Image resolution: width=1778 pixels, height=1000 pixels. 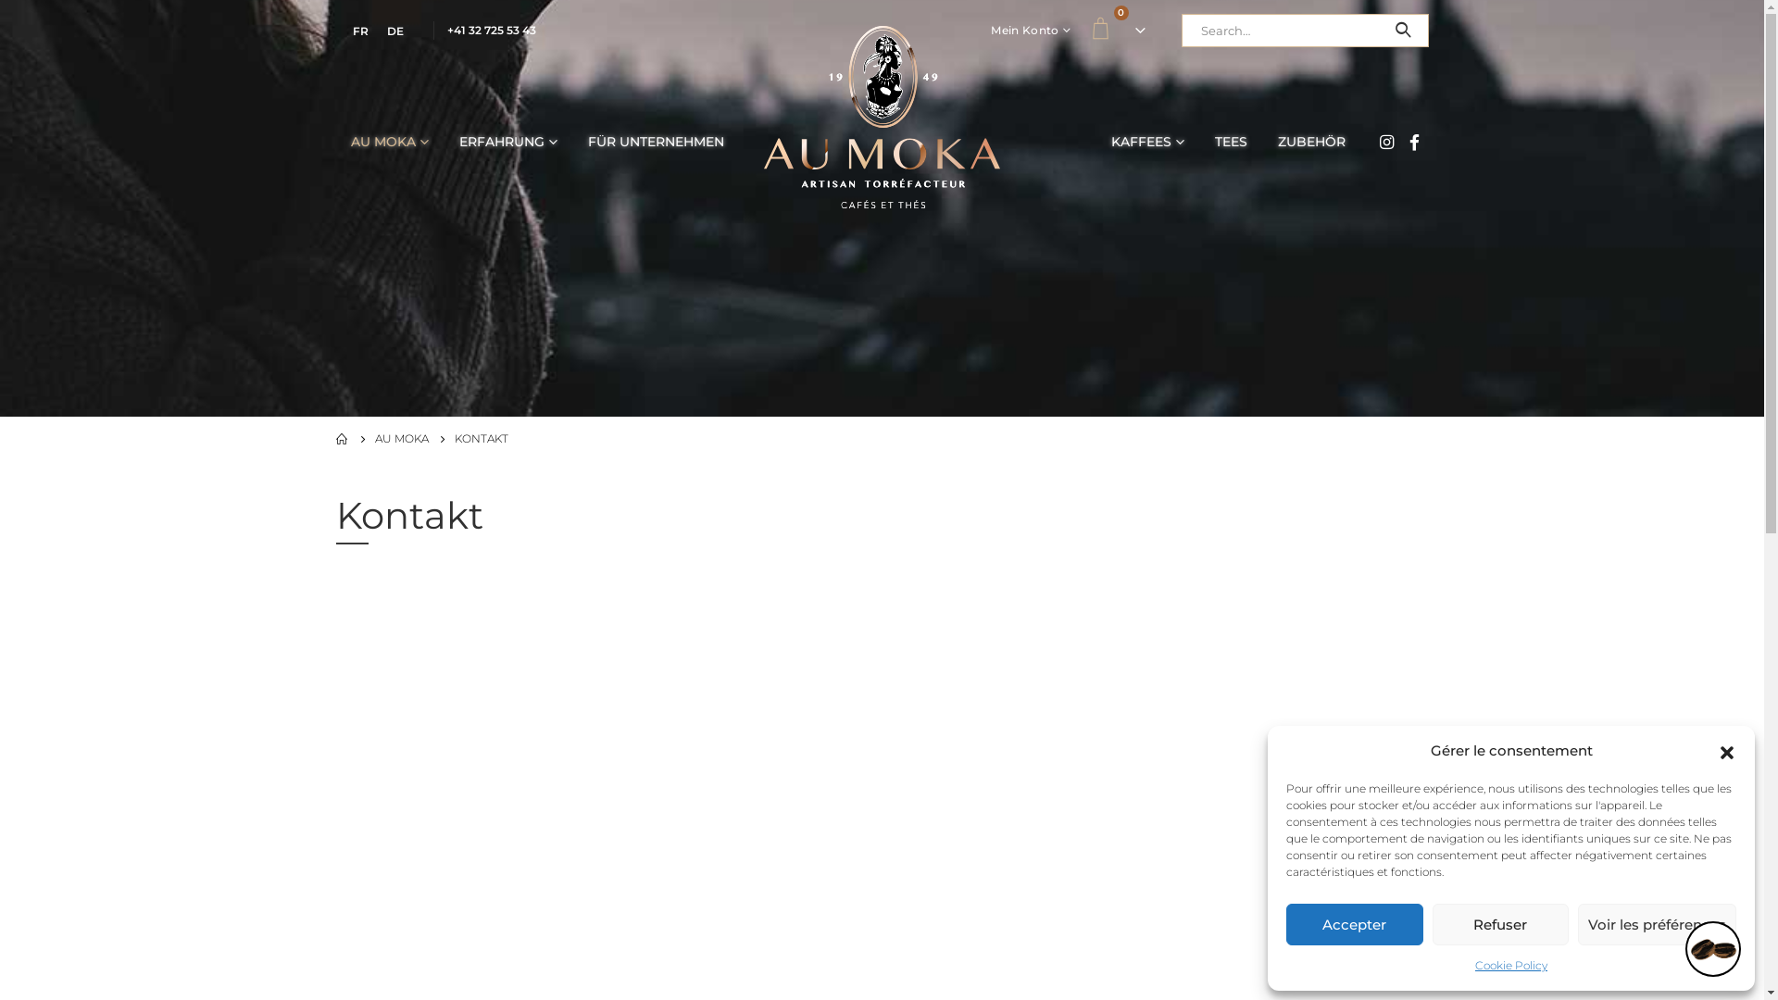 What do you see at coordinates (1030, 31) in the screenshot?
I see `'Mein Konto'` at bounding box center [1030, 31].